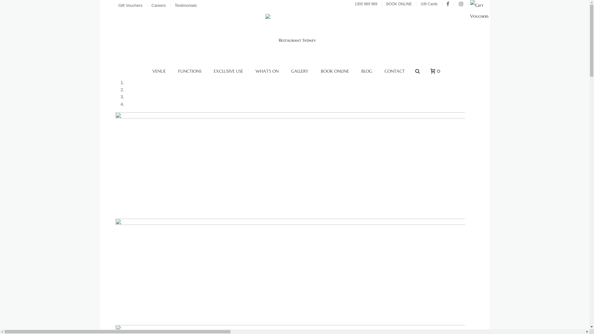  I want to click on 'GALLERY', so click(300, 71).